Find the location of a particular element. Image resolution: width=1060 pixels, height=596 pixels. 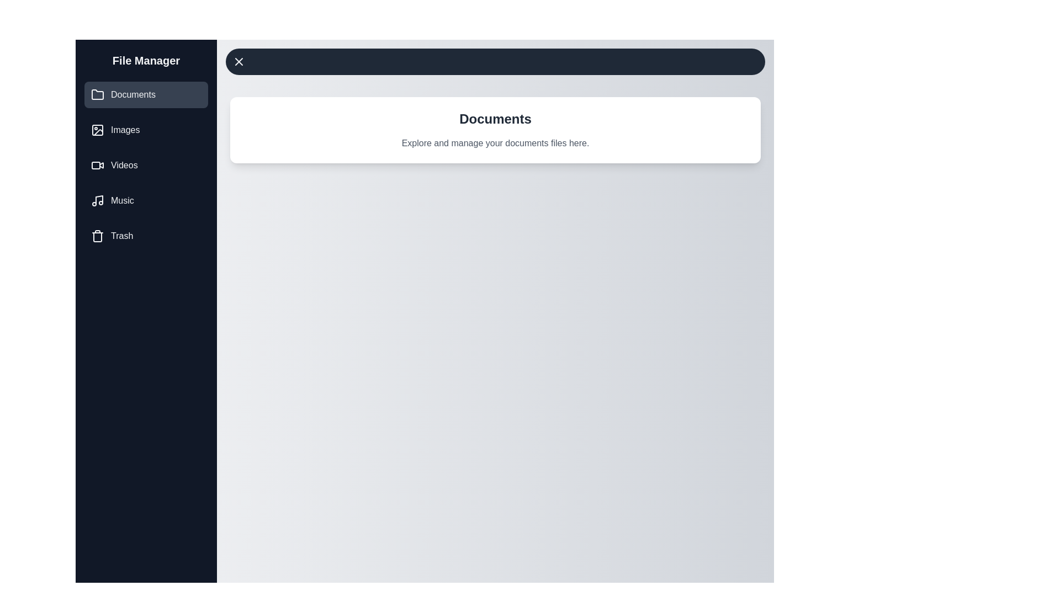

the toggle button to change the drawer's open/close state is located at coordinates (495, 61).